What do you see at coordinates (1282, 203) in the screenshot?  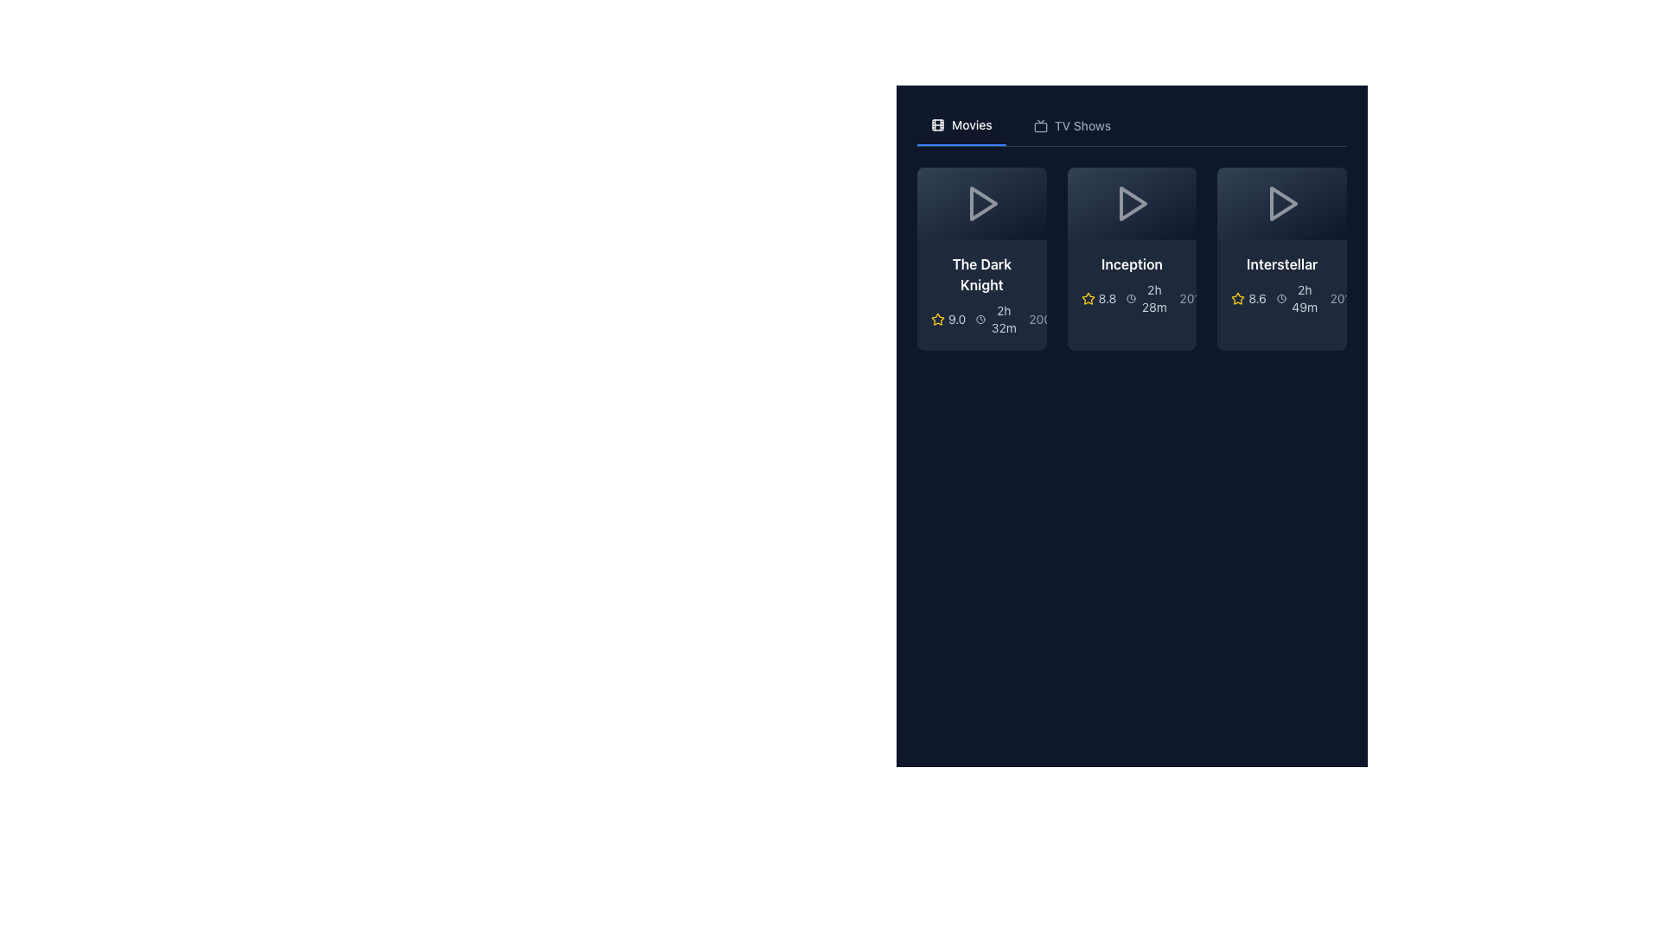 I see `the triangular play button icon with a gray outline located centrally within the darkened 'Interstellar' card to change its color to white` at bounding box center [1282, 203].